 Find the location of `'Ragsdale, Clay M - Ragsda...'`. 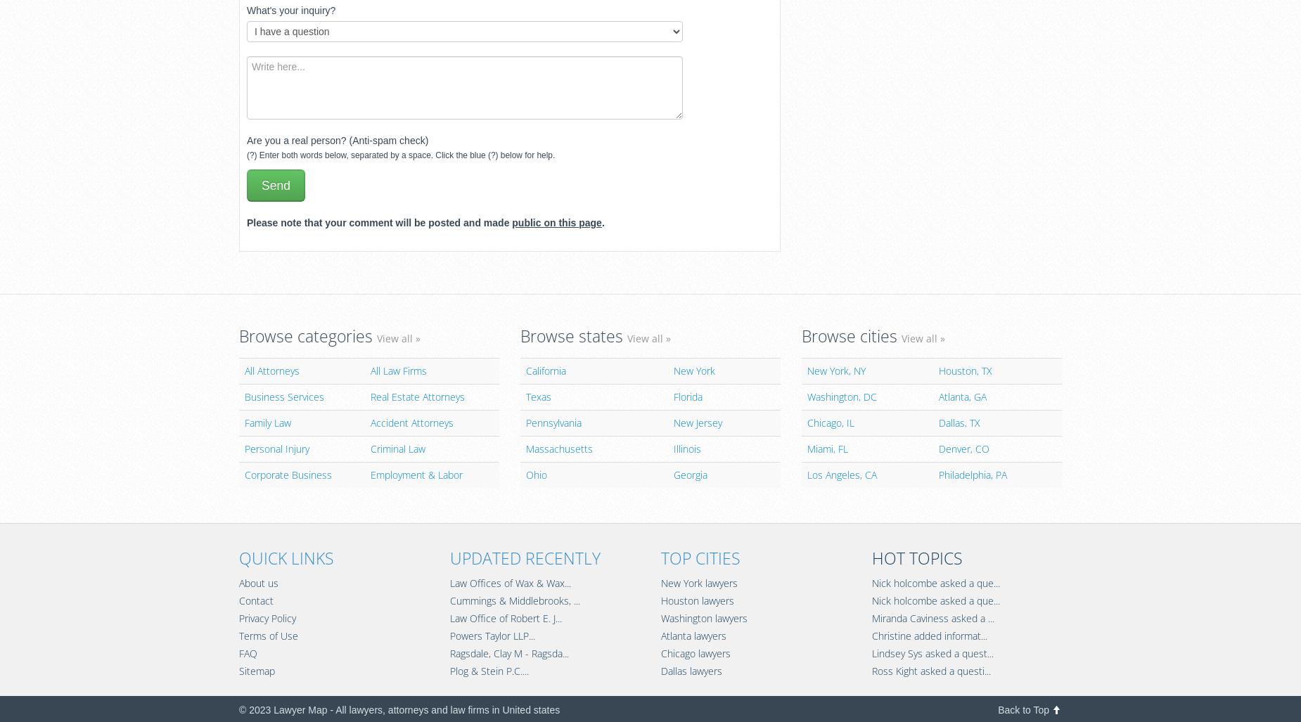

'Ragsdale, Clay M - Ragsda...' is located at coordinates (509, 652).